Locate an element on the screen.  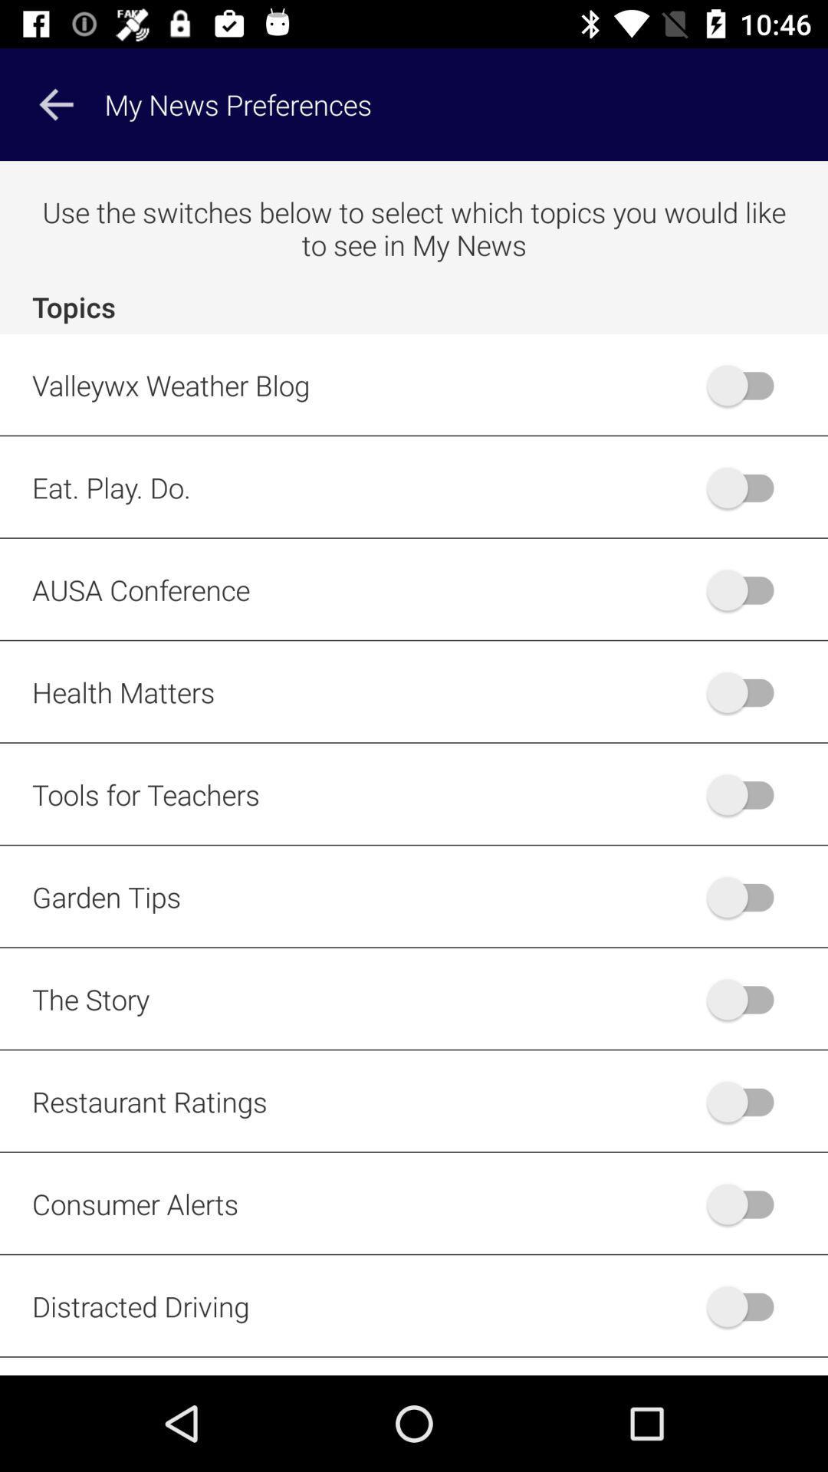
restaurant ratings option is located at coordinates (747, 1100).